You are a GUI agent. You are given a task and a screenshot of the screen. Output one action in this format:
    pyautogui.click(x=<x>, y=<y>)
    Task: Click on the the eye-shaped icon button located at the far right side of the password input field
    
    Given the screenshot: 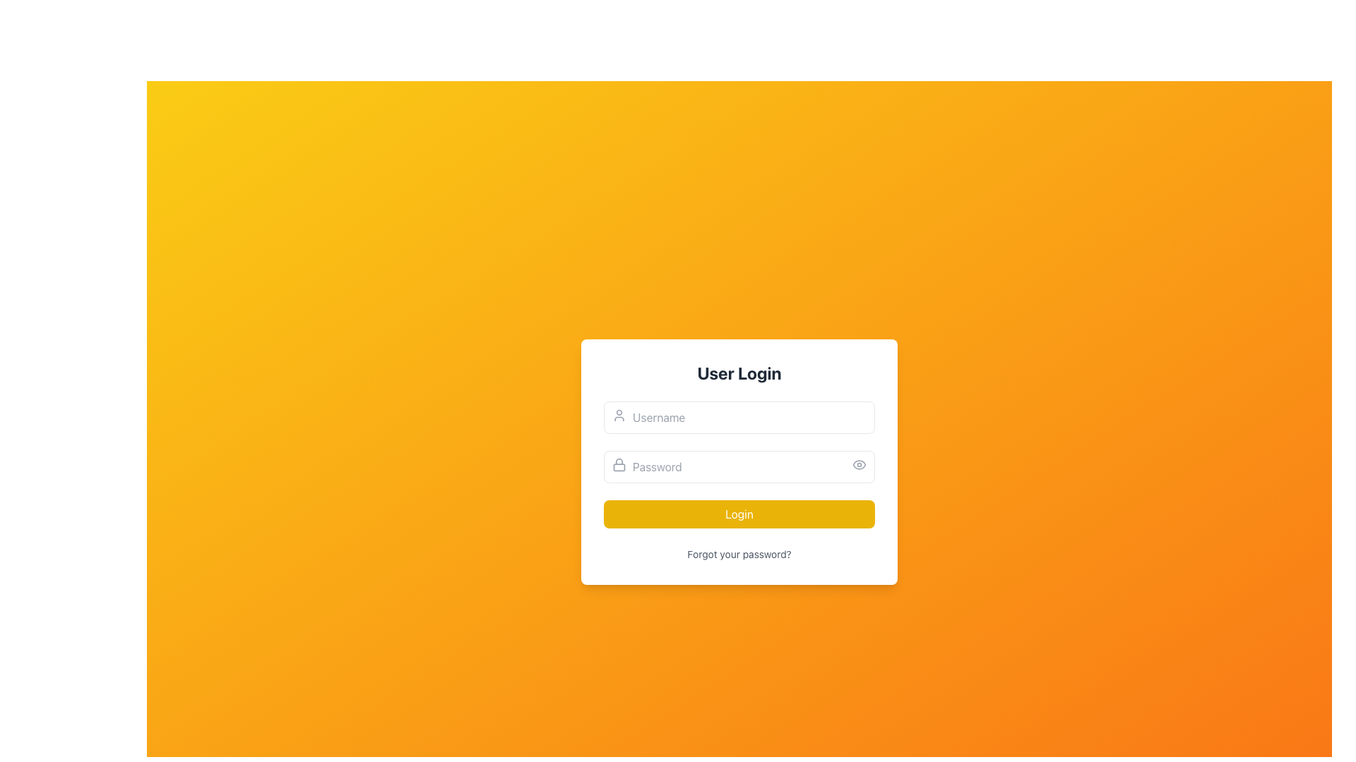 What is the action you would take?
    pyautogui.click(x=859, y=465)
    